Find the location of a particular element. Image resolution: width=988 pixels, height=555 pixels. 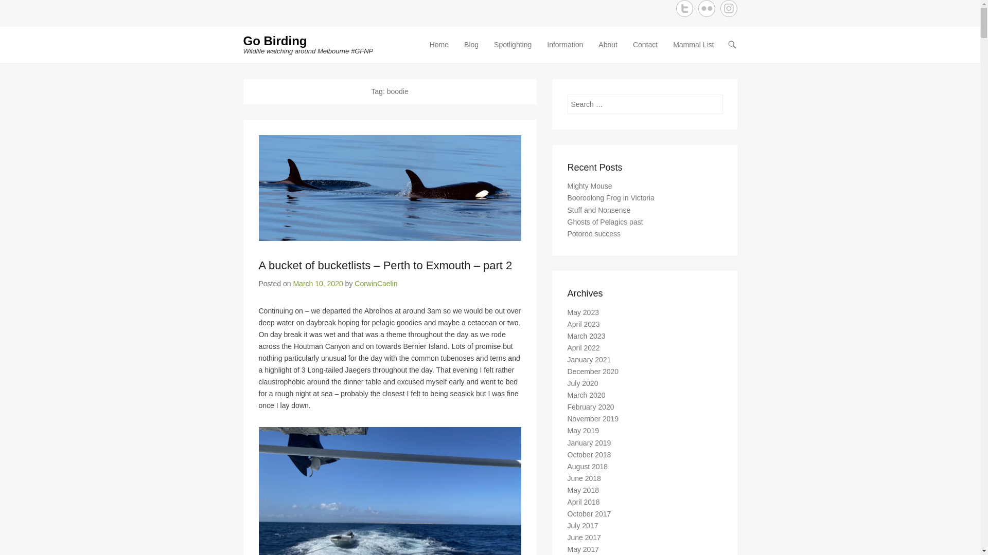

'Flickr' is located at coordinates (698, 8).